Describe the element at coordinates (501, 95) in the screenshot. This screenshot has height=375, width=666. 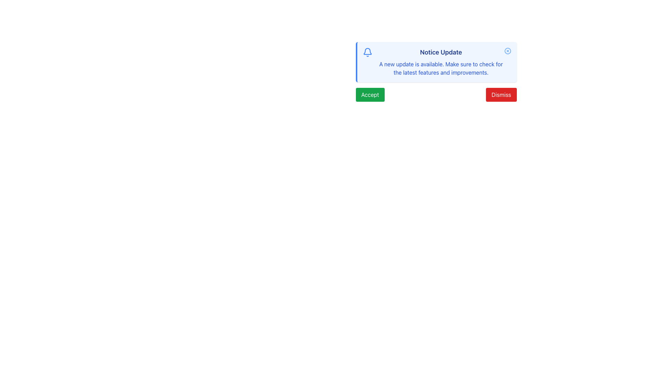
I see `the dismiss button located at the bottom-right corner of the notification box` at that location.